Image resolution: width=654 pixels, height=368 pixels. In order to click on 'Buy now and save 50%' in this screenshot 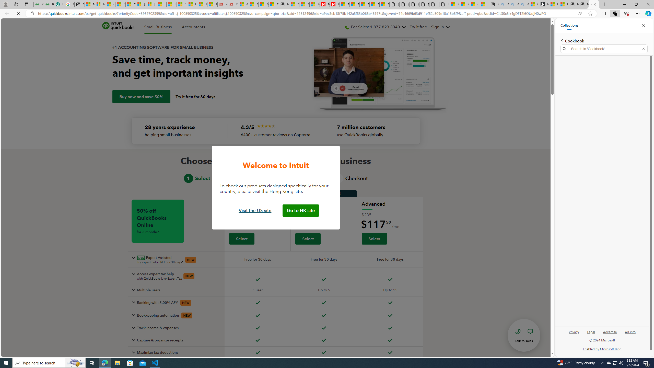, I will do `click(141, 97)`.